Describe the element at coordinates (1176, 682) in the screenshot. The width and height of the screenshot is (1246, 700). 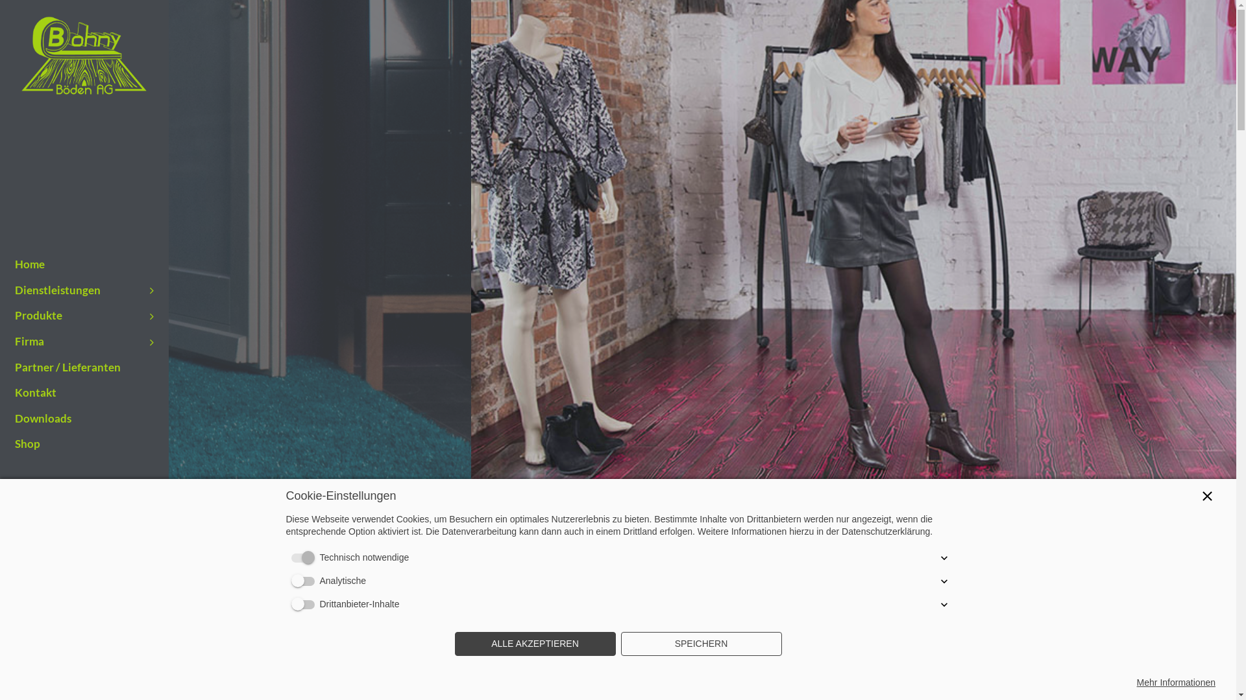
I see `'Mehr Informationen'` at that location.